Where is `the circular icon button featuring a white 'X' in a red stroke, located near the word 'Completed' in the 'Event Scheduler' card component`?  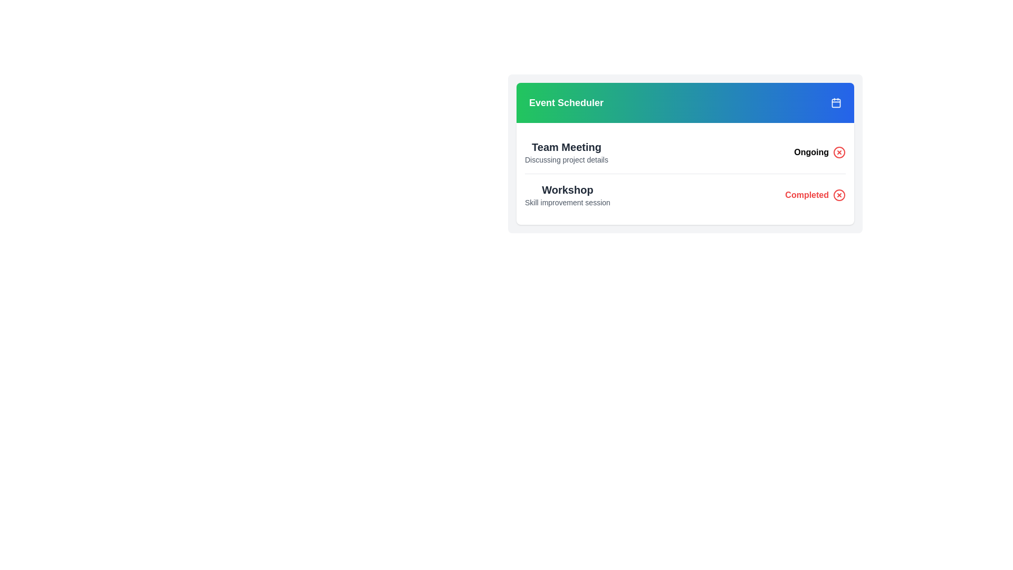 the circular icon button featuring a white 'X' in a red stroke, located near the word 'Completed' in the 'Event Scheduler' card component is located at coordinates (838, 195).